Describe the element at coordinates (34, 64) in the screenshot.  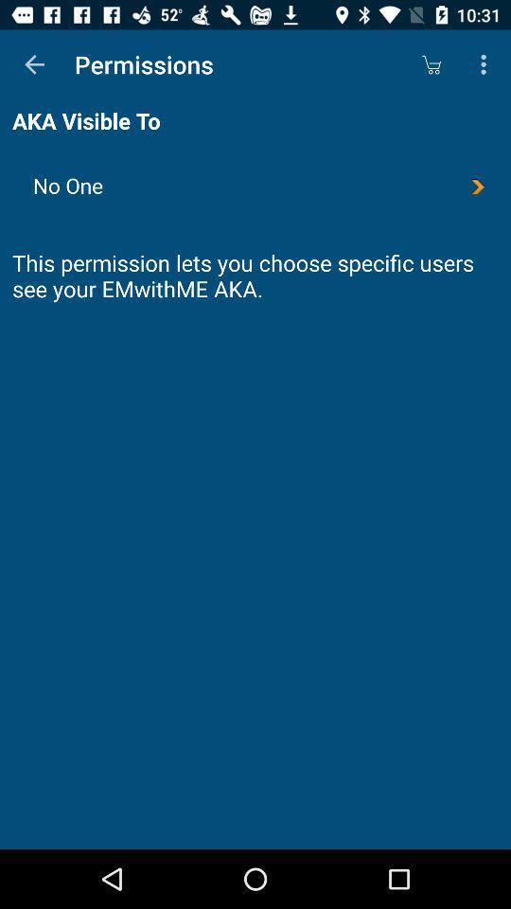
I see `the app next to the permissions` at that location.